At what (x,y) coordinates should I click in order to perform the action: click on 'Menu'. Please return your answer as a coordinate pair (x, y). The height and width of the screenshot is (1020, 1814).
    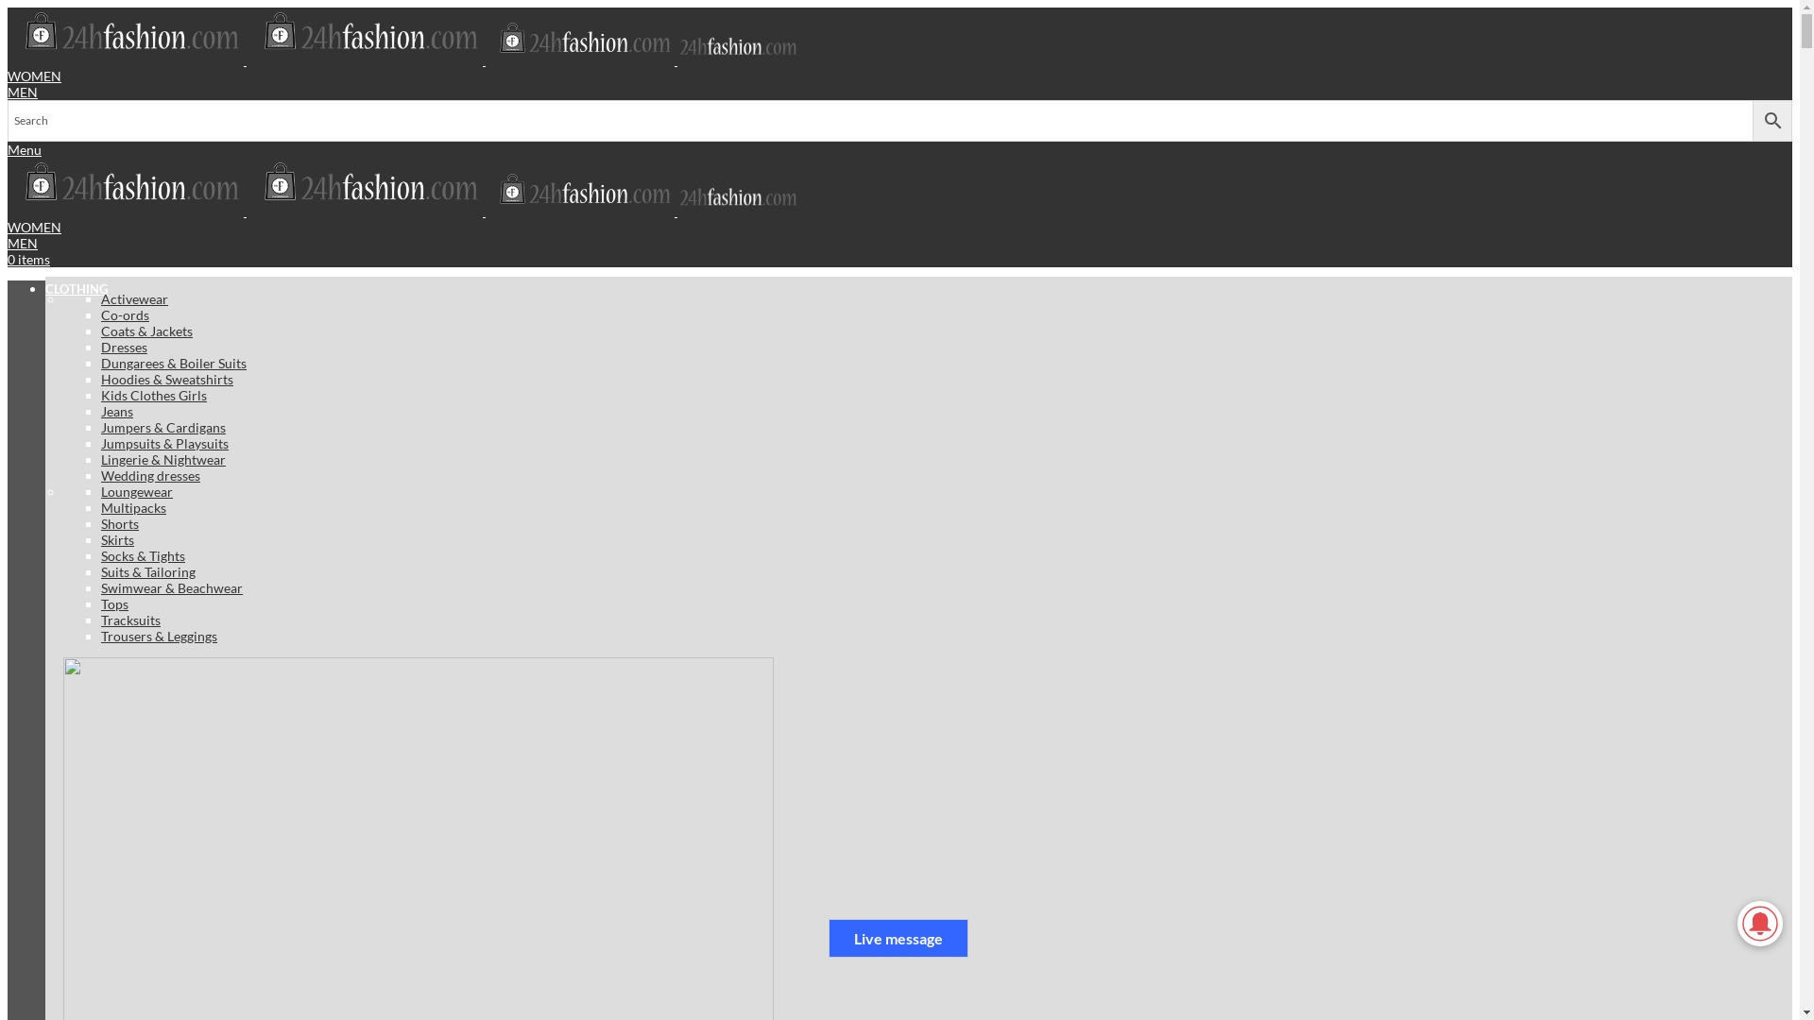
    Looking at the image, I should click on (24, 148).